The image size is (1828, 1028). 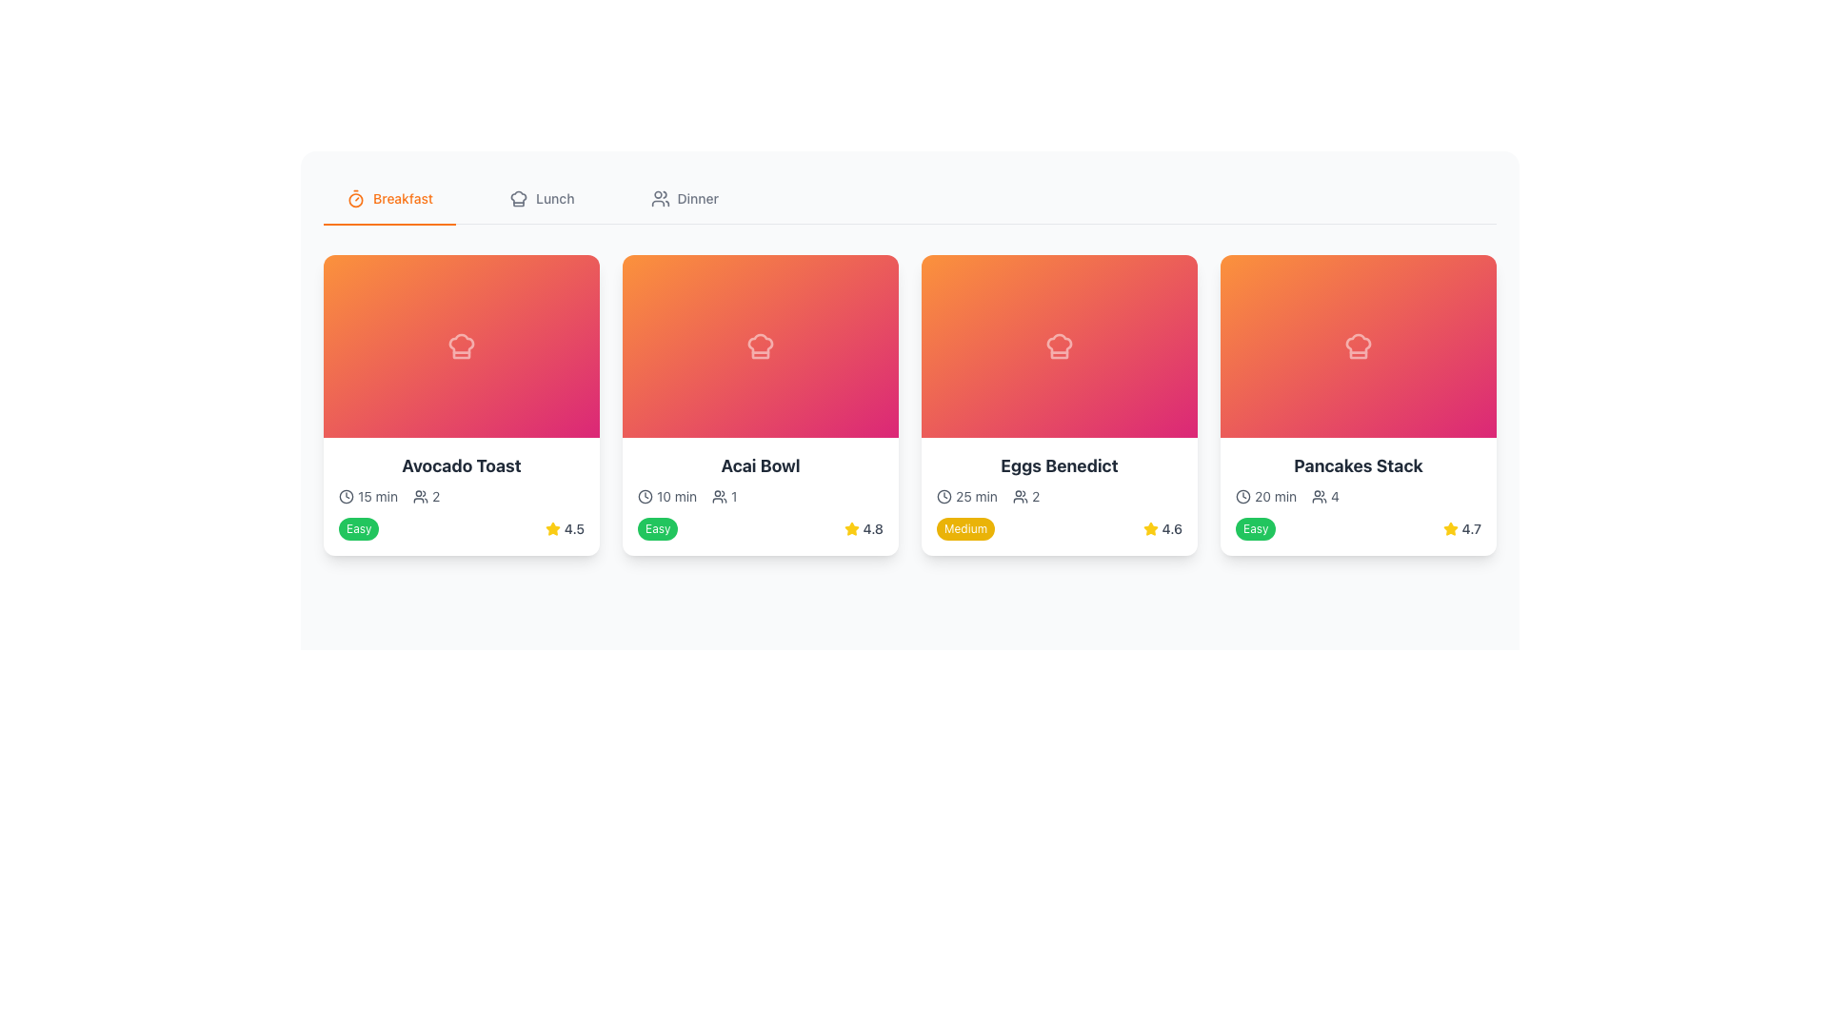 I want to click on text displayed in the bold, large font text label 'Eggs Benedict' located as the title within the third recipe card from the left, so click(x=1059, y=465).